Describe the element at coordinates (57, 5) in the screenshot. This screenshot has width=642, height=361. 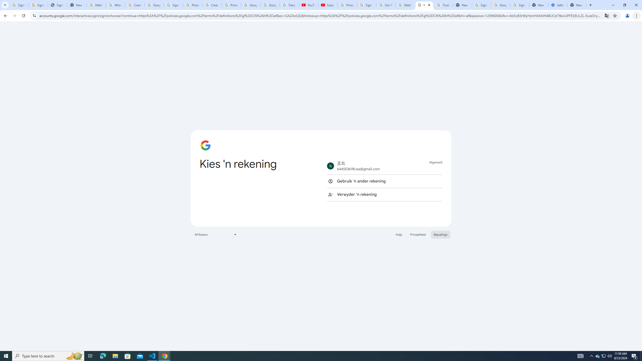
I see `'Sign In - USA TODAY'` at that location.